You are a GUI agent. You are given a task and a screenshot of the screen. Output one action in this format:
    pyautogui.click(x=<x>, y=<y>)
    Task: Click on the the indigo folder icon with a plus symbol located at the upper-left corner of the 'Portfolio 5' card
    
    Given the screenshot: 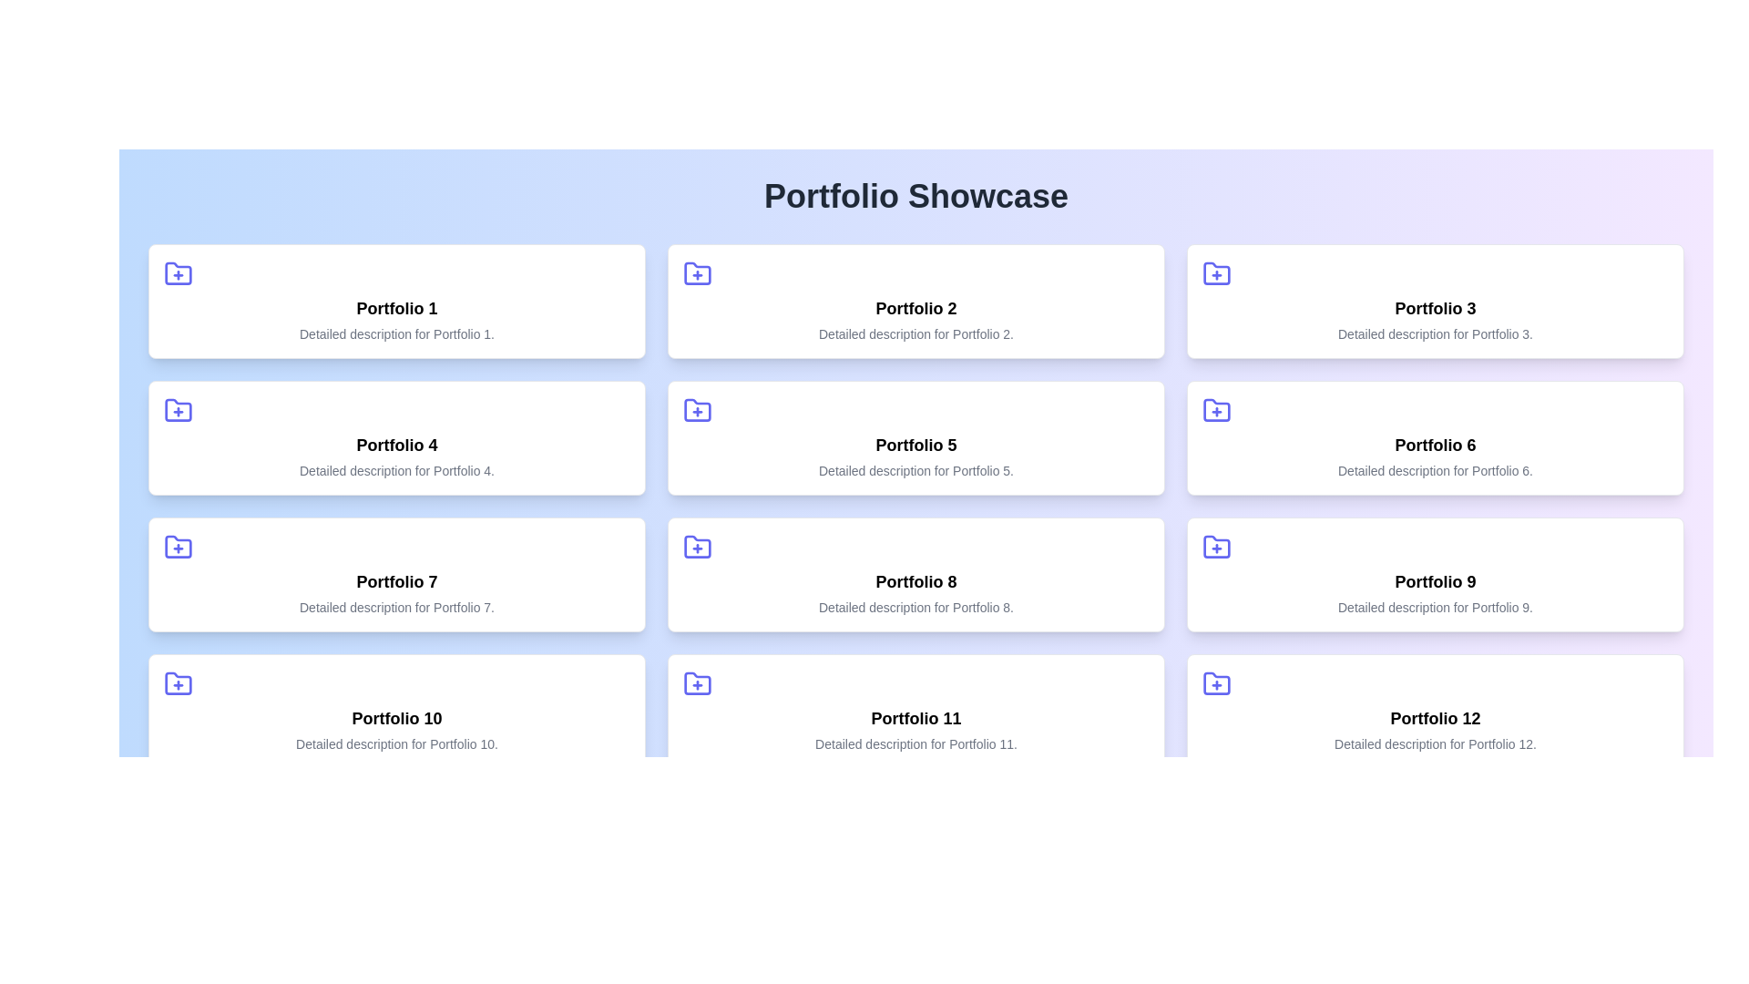 What is the action you would take?
    pyautogui.click(x=697, y=411)
    